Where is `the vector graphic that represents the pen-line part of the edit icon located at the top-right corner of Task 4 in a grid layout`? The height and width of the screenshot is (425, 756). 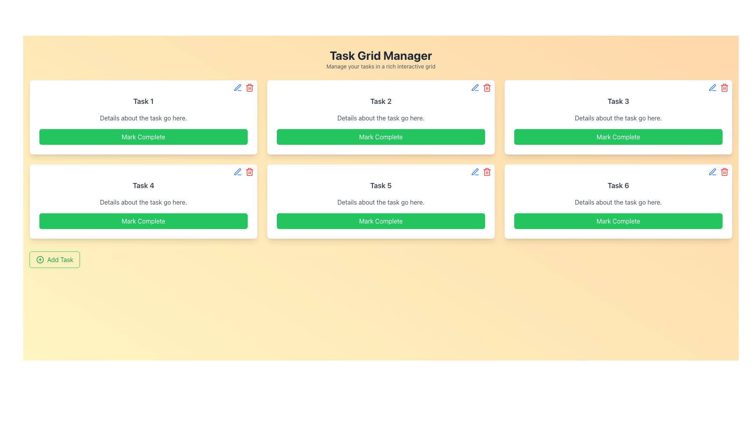
the vector graphic that represents the pen-line part of the edit icon located at the top-right corner of Task 4 in a grid layout is located at coordinates (237, 171).